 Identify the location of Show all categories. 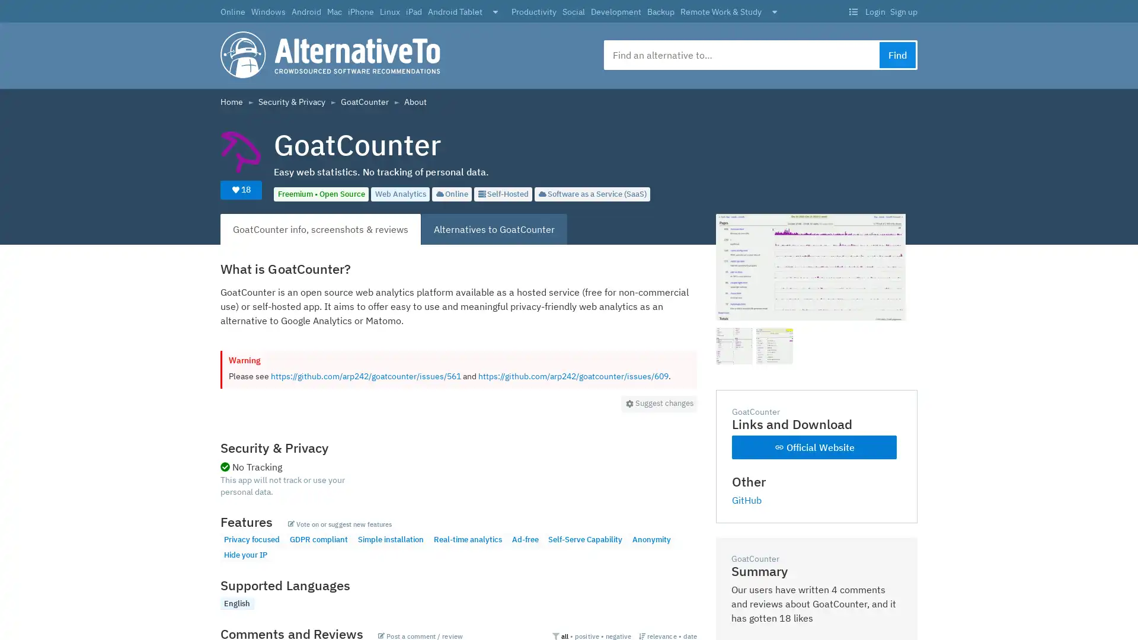
(774, 12).